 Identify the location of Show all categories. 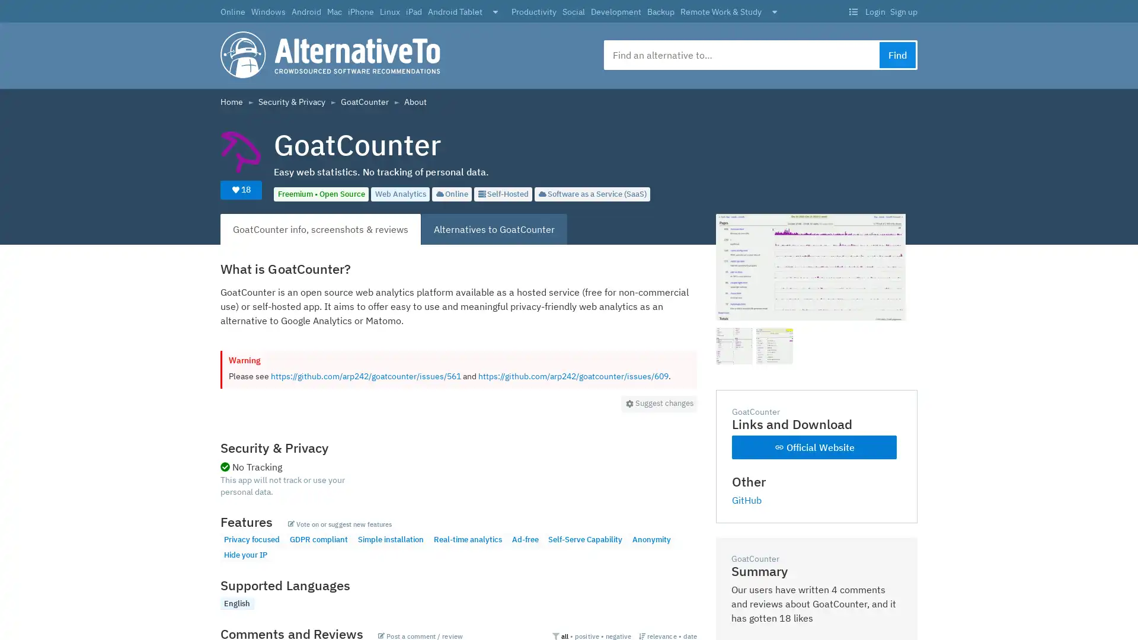
(774, 12).